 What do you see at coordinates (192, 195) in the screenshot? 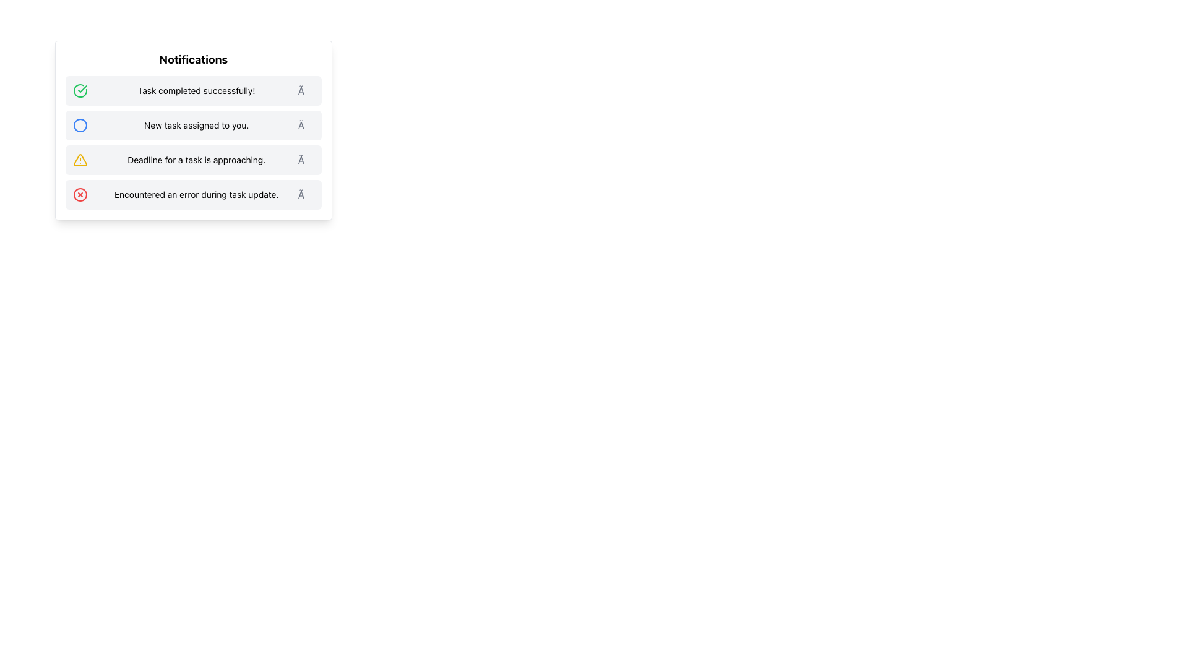
I see `the '×' icon on the fourth notification card in the notification panel` at bounding box center [192, 195].